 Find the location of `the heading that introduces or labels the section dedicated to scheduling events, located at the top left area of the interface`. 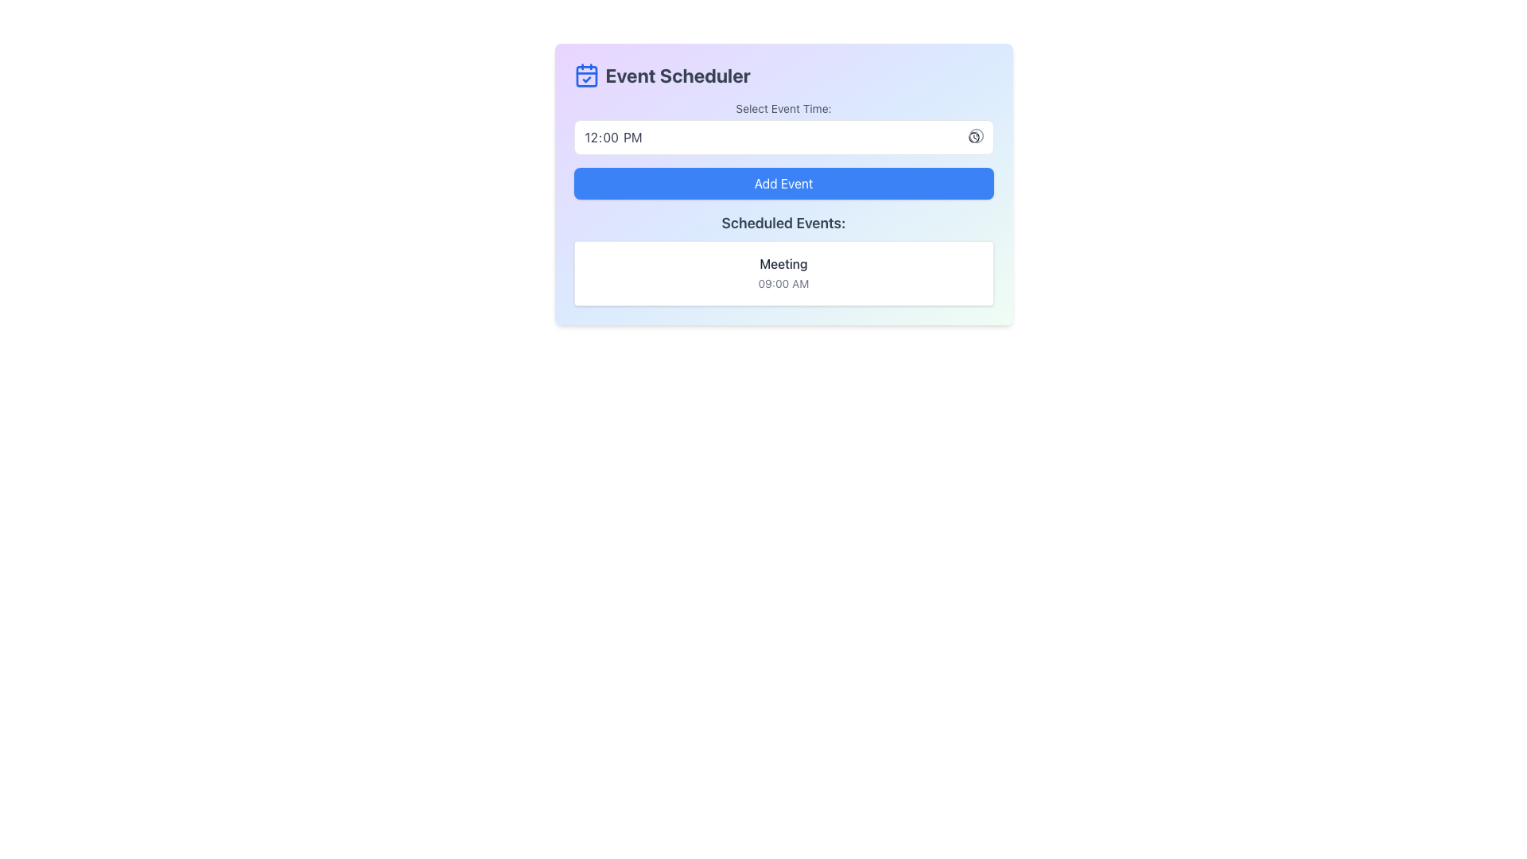

the heading that introduces or labels the section dedicated to scheduling events, located at the top left area of the interface is located at coordinates (678, 76).